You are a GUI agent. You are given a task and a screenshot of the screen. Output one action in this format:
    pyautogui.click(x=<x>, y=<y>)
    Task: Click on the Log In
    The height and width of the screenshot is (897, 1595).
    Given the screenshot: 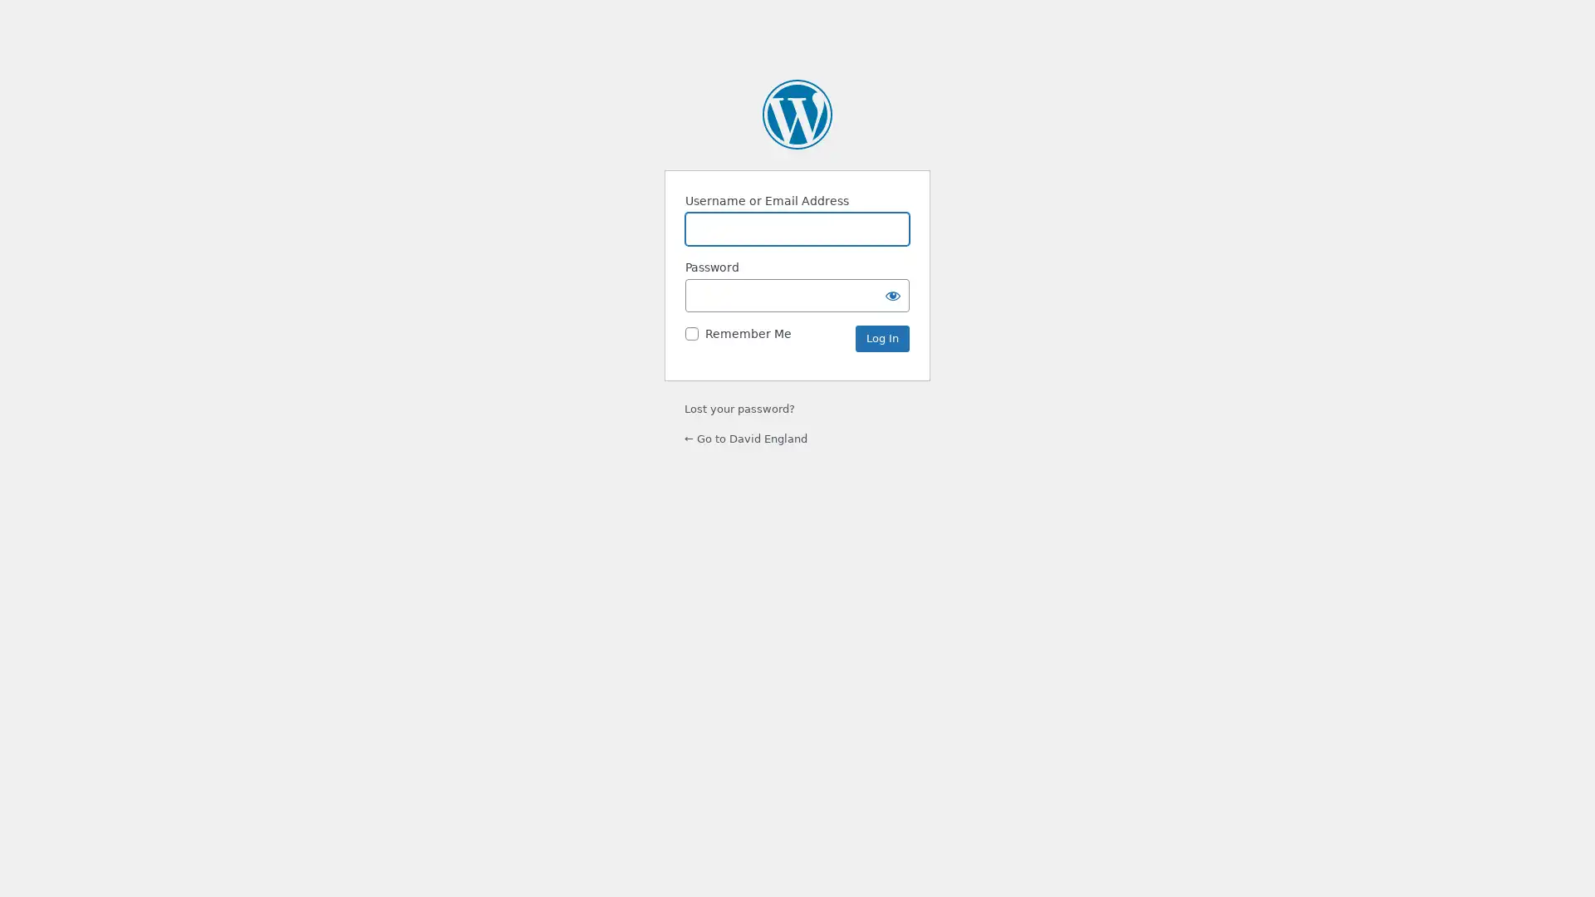 What is the action you would take?
    pyautogui.click(x=881, y=338)
    